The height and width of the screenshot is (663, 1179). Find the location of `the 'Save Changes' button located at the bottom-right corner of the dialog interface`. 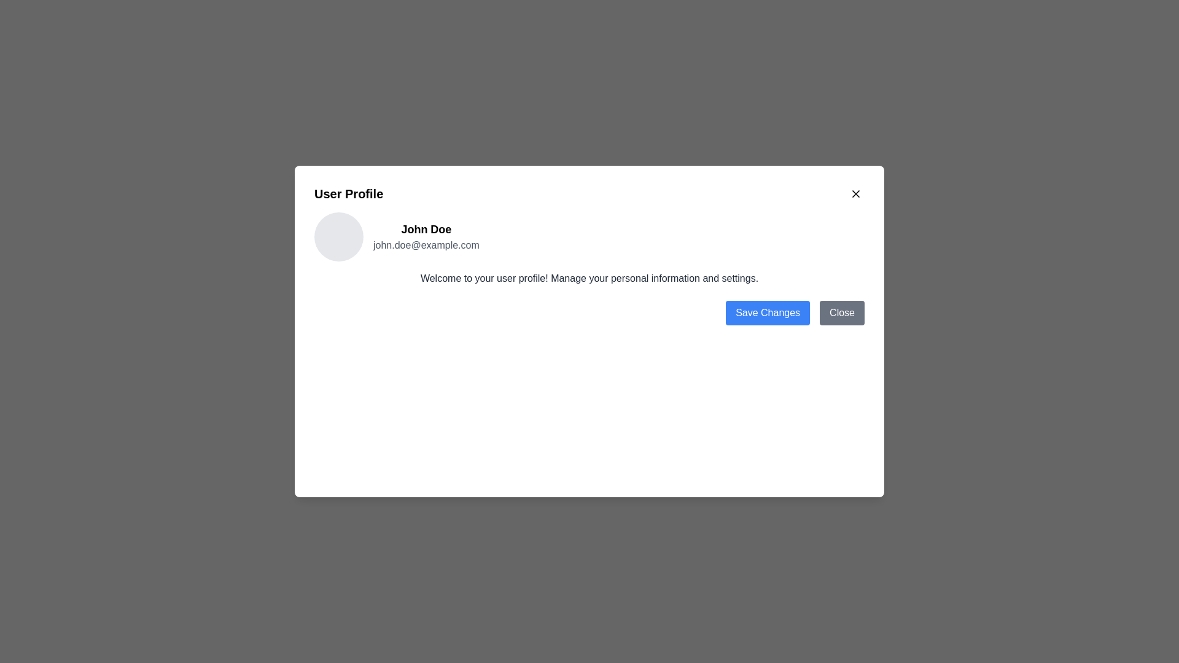

the 'Save Changes' button located at the bottom-right corner of the dialog interface is located at coordinates (767, 312).